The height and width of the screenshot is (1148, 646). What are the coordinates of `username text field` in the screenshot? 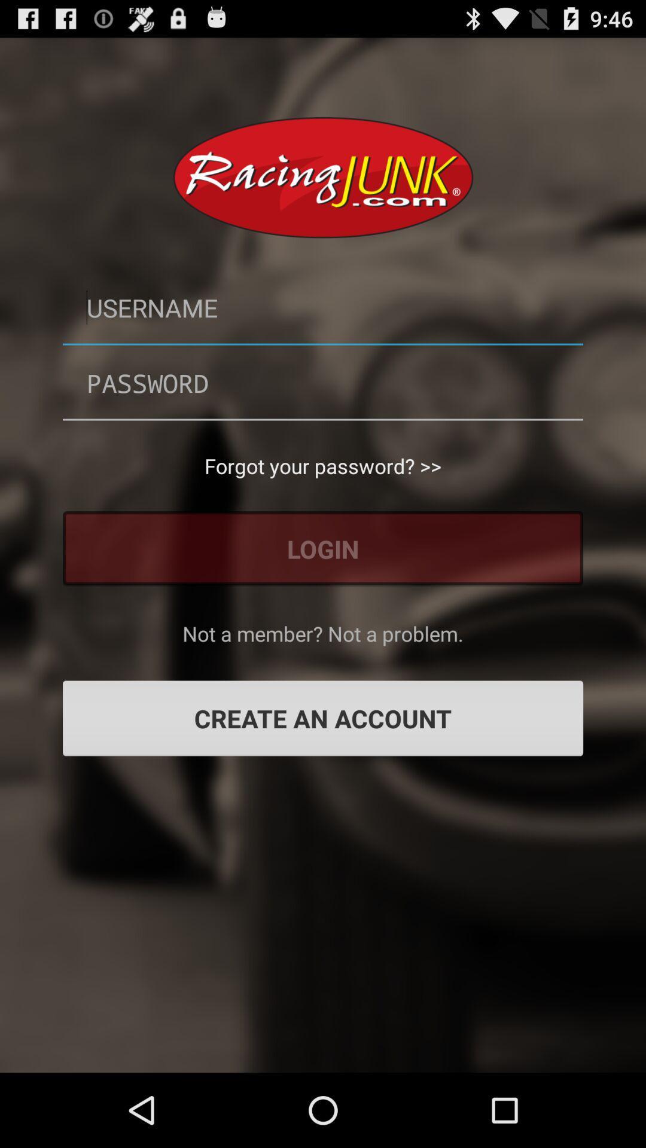 It's located at (323, 307).